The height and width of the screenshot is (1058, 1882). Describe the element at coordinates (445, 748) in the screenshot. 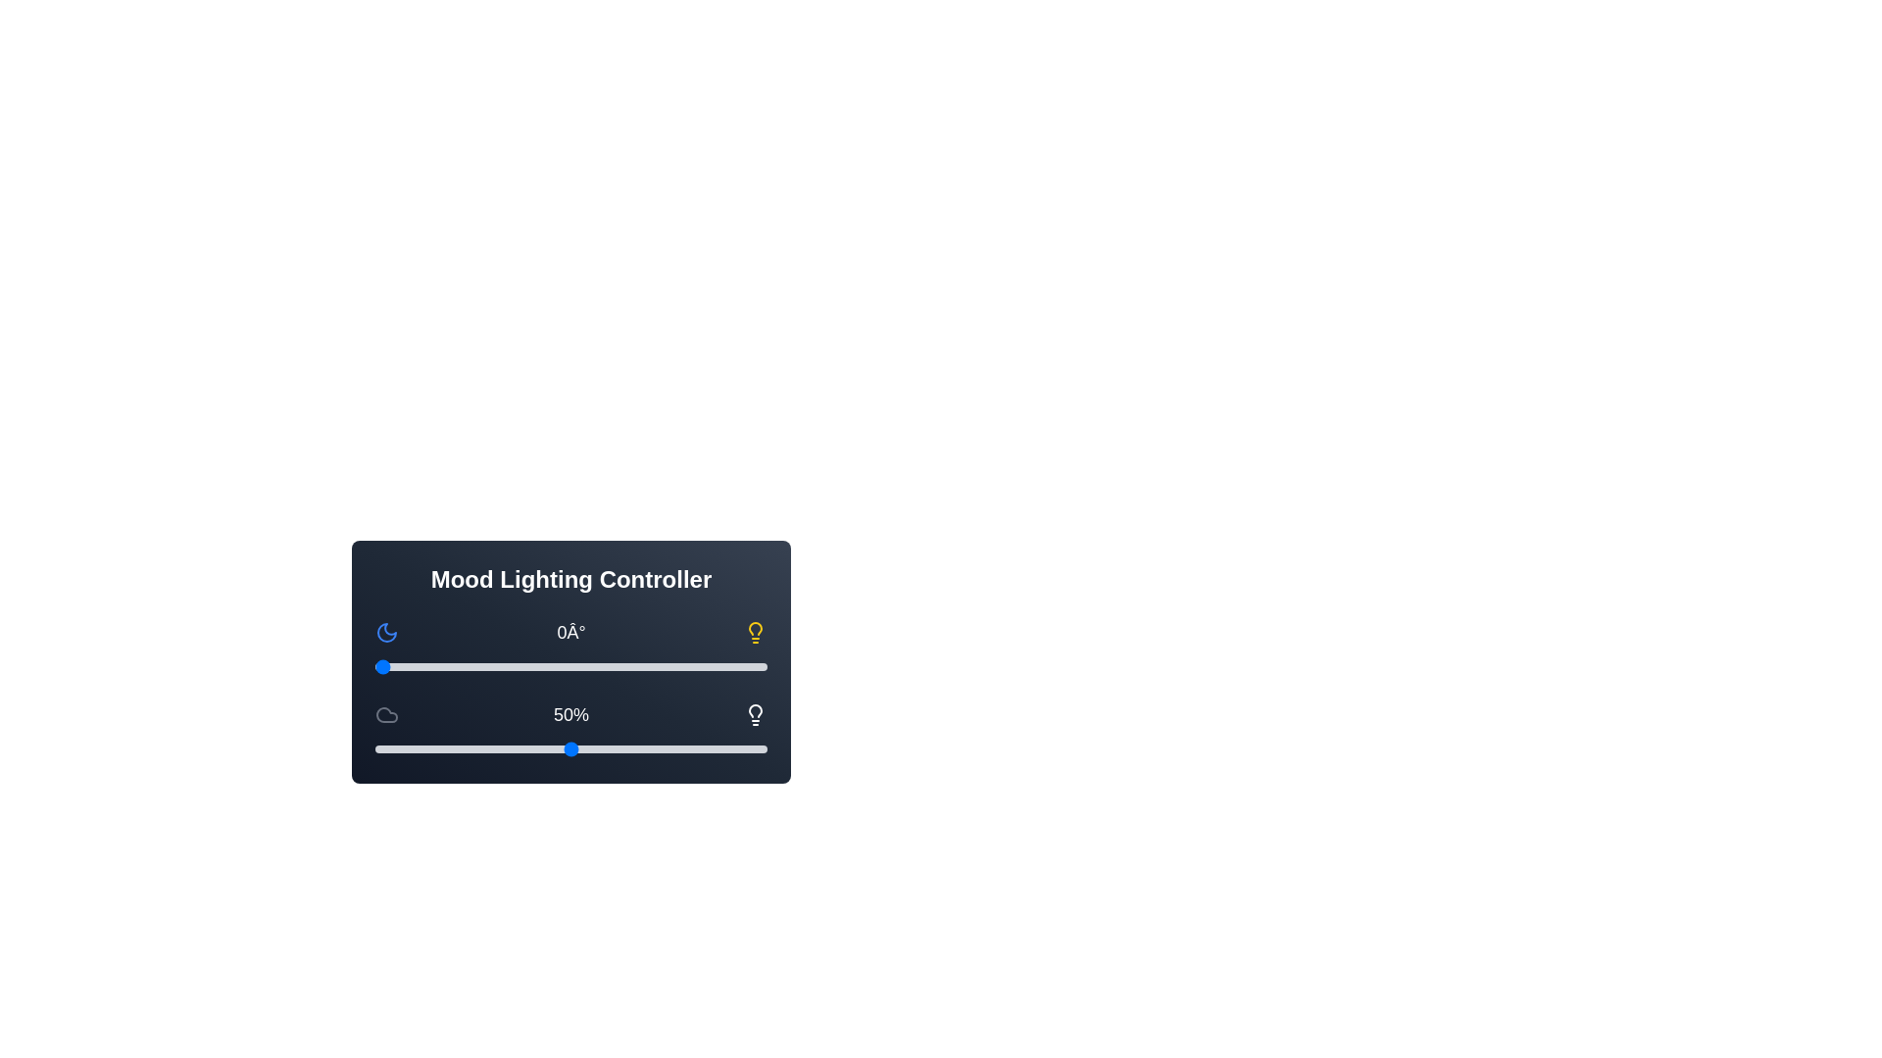

I see `the light intensity to 18% by adjusting the slider` at that location.